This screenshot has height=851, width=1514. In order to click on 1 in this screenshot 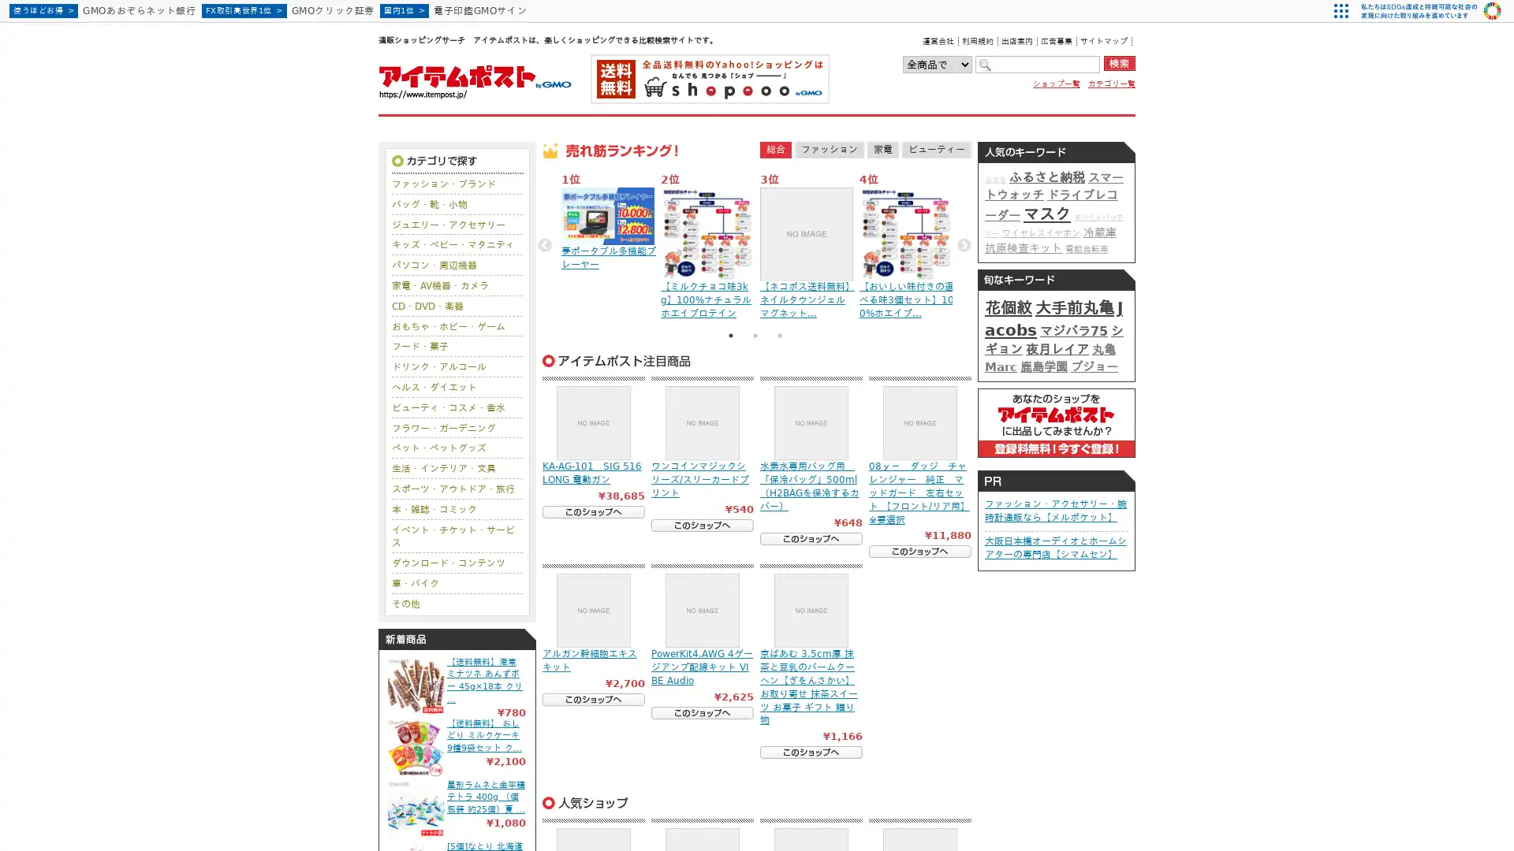, I will do `click(729, 334)`.